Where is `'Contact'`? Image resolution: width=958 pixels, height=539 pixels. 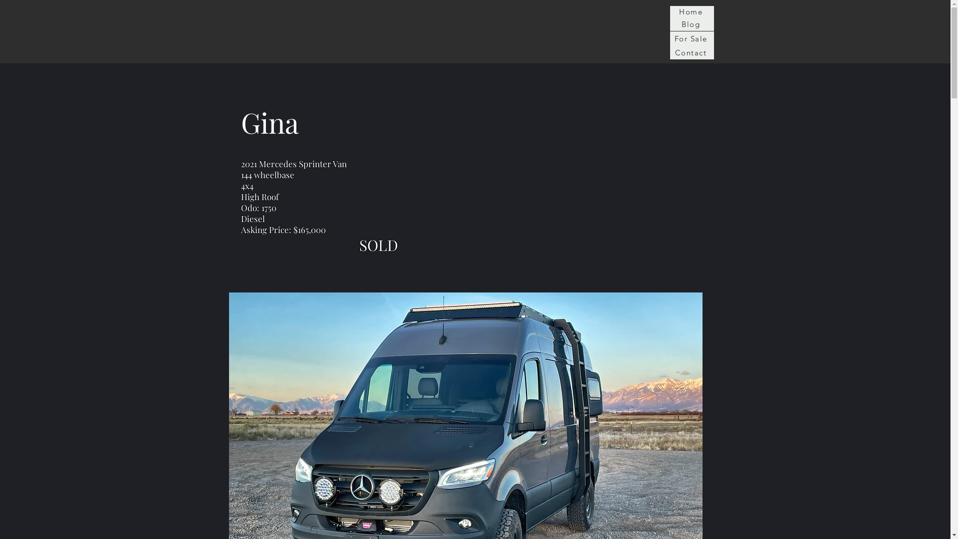
'Contact' is located at coordinates (691, 52).